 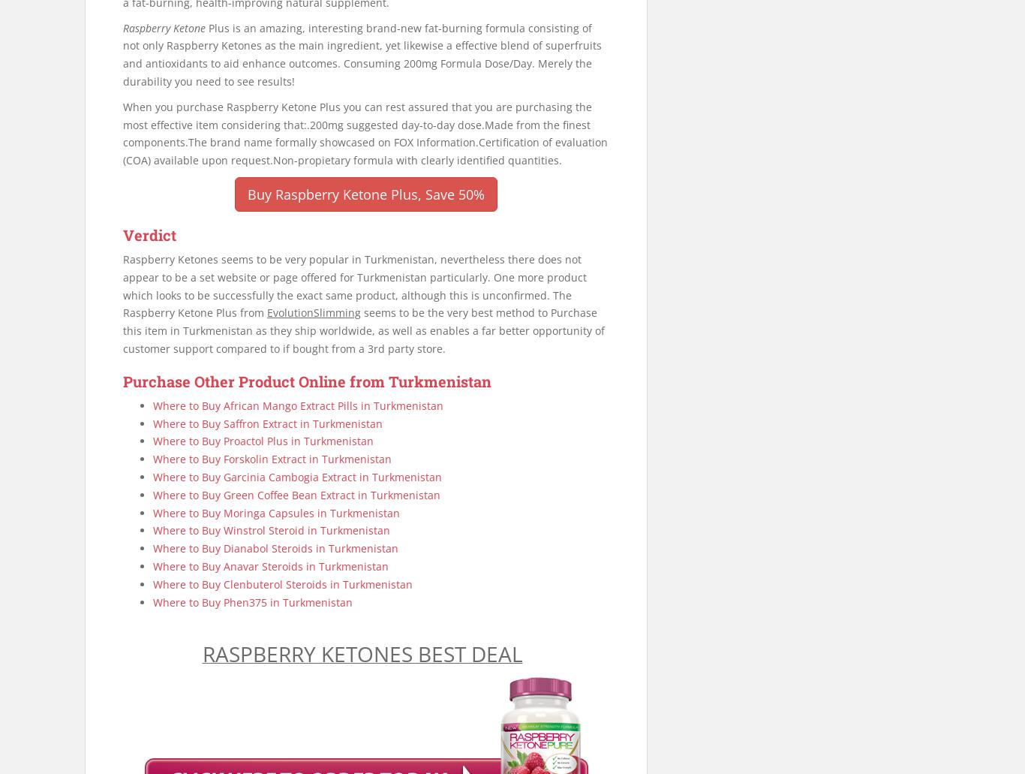 I want to click on 'Where to Buy Garcinia Cambogia Extract in Turkmenistan', so click(x=296, y=476).